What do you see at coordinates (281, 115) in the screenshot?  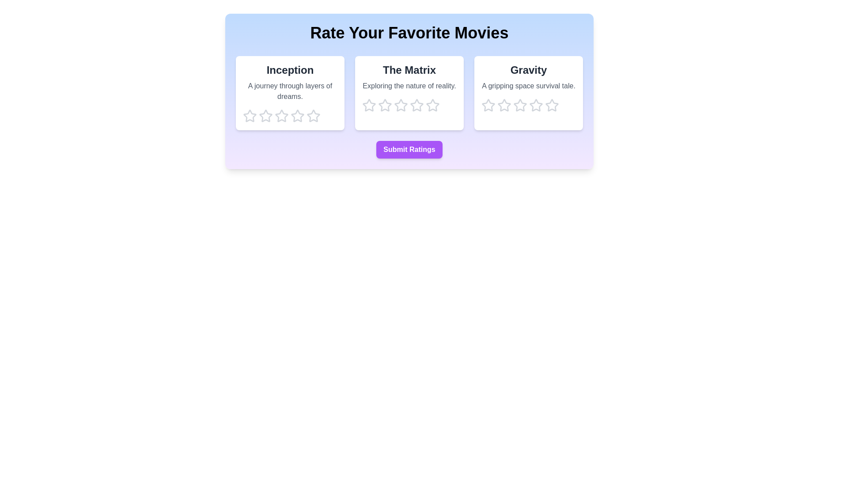 I see `the star corresponding to 3 for the movie Inception` at bounding box center [281, 115].